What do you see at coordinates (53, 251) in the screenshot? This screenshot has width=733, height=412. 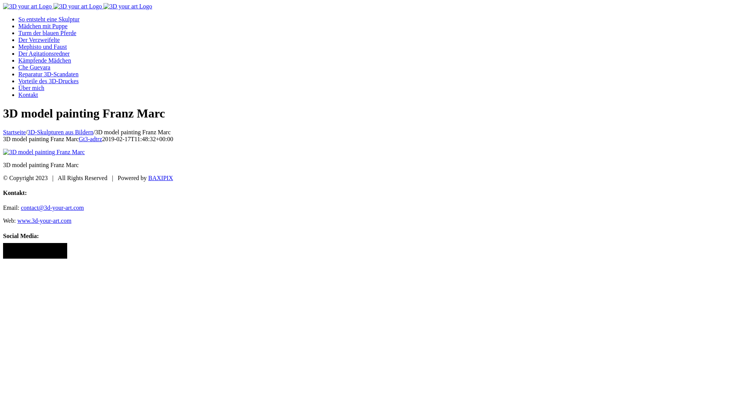 I see `'Tumblr'` at bounding box center [53, 251].